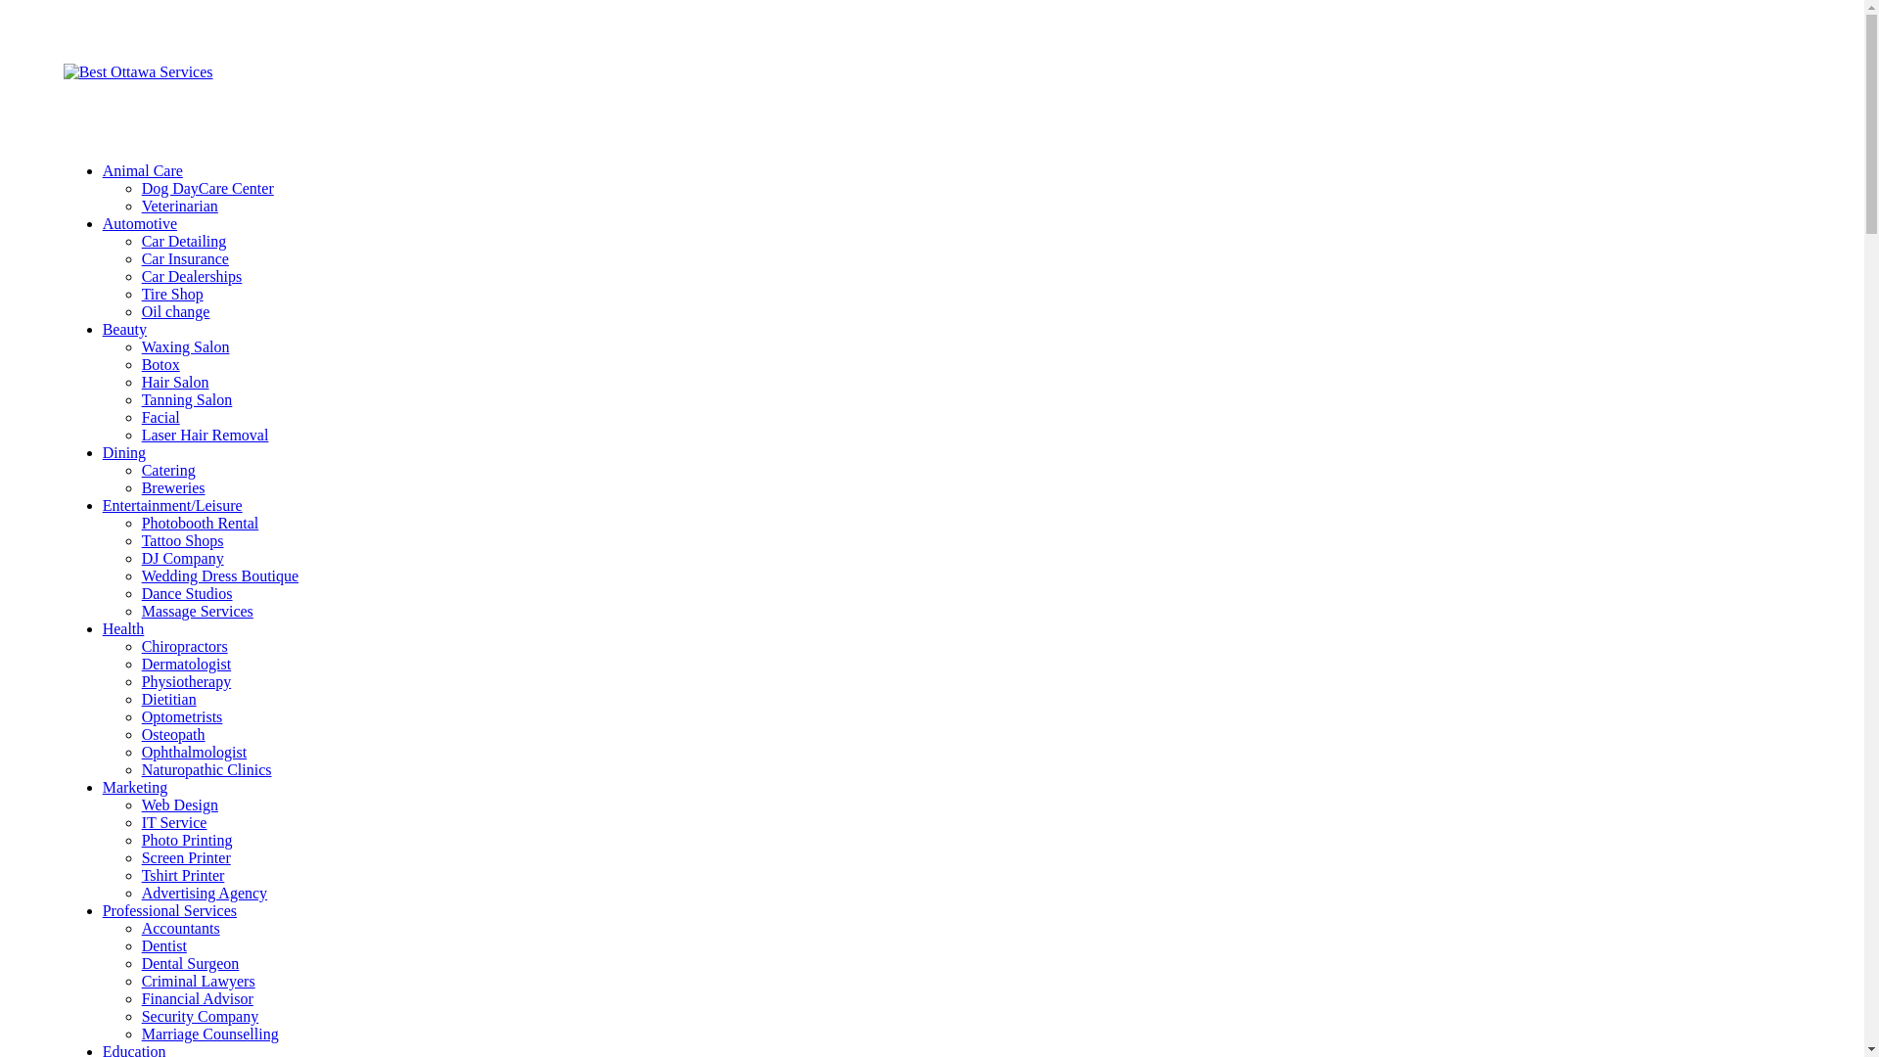  I want to click on 'Accountants', so click(181, 927).